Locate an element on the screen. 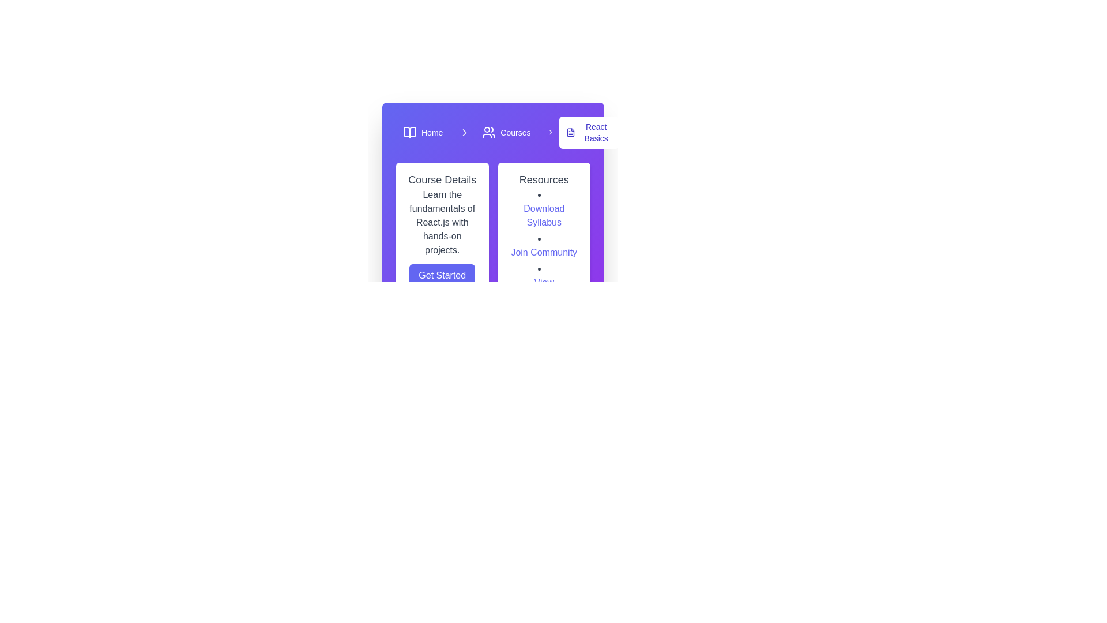 The width and height of the screenshot is (1107, 623). the right-facing chevron icon located at the top-right corner of the interface is located at coordinates (465, 132).